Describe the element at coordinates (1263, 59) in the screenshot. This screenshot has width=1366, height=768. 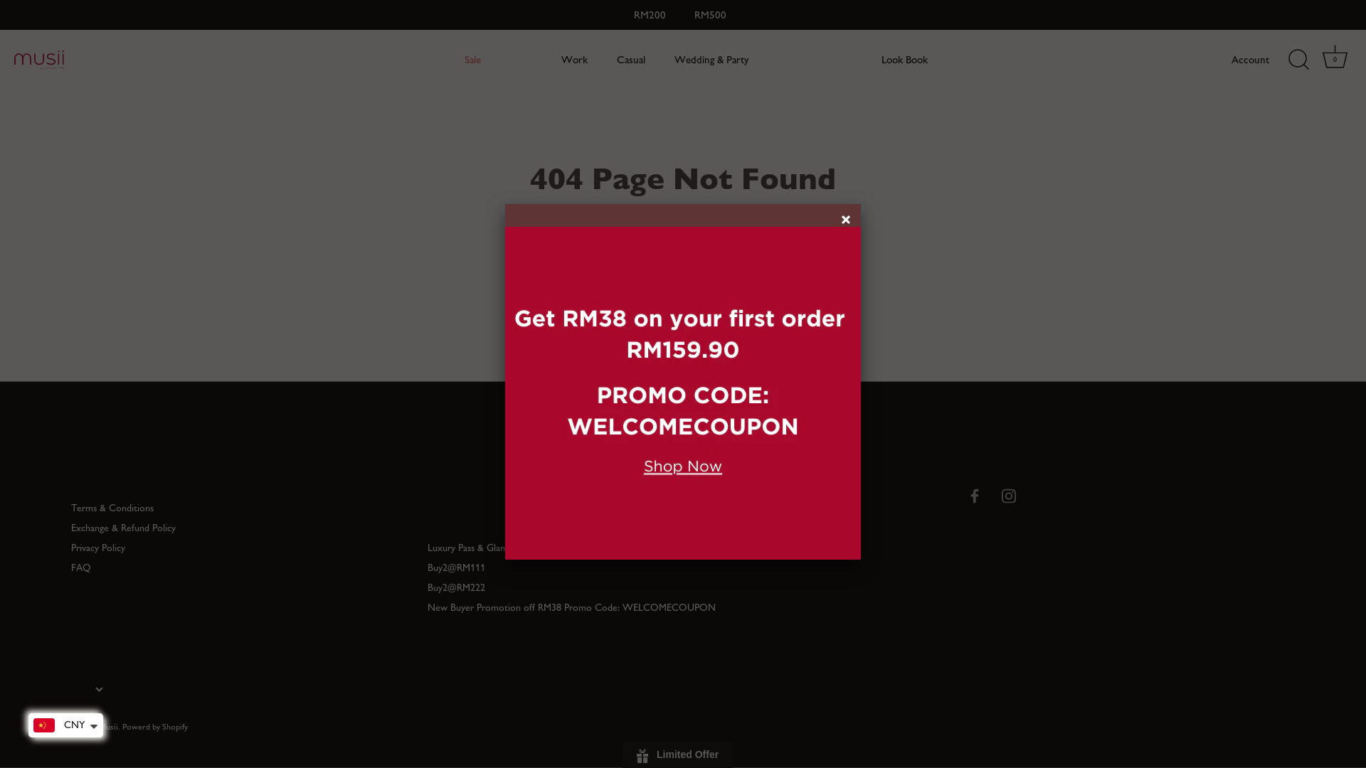
I see `'Account'` at that location.